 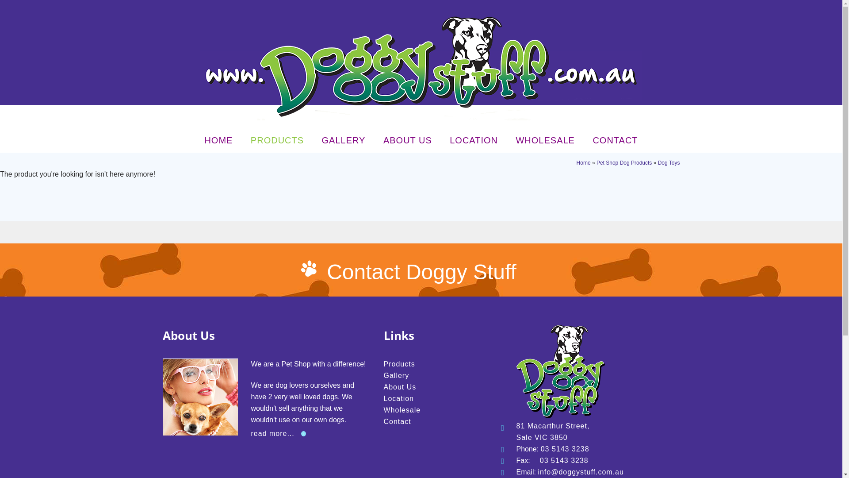 I want to click on 'read more...', so click(x=250, y=432).